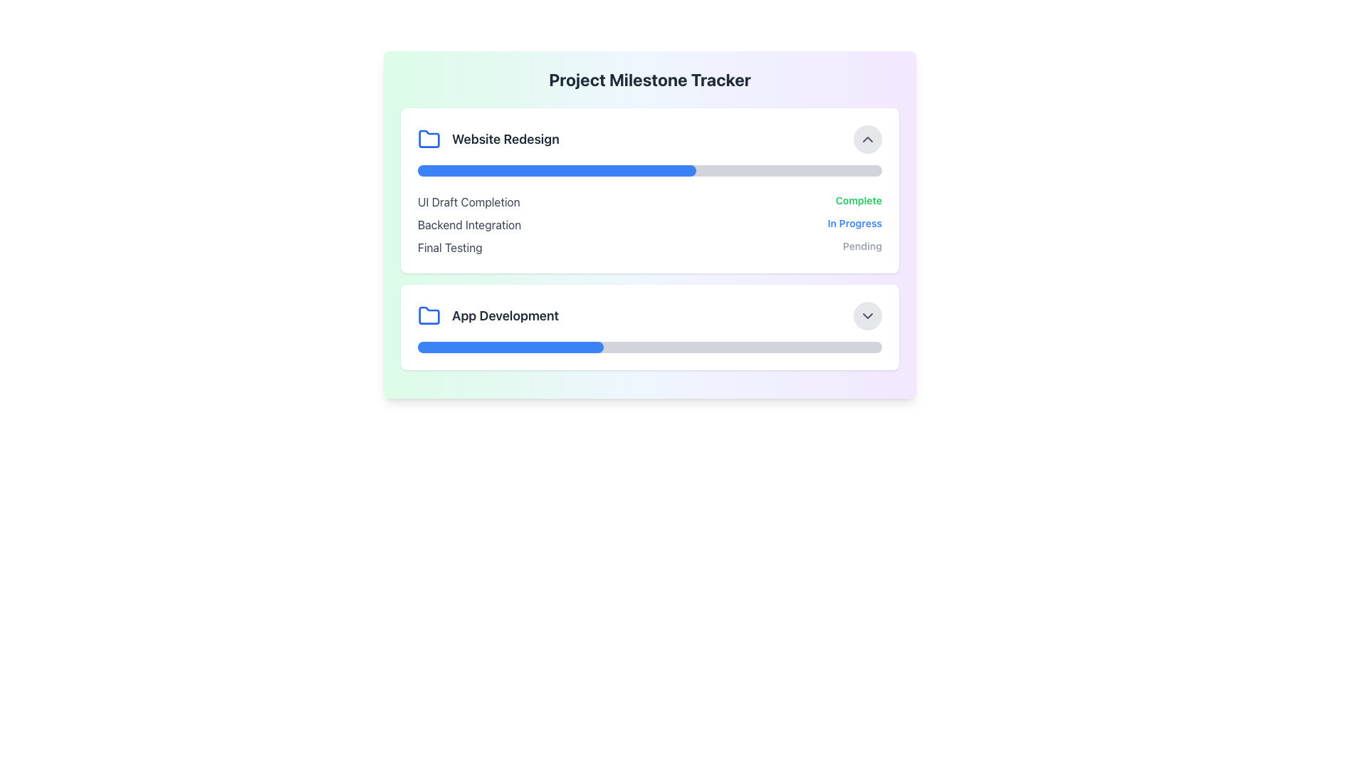 This screenshot has height=769, width=1367. Describe the element at coordinates (706, 169) in the screenshot. I see `the progress bar` at that location.